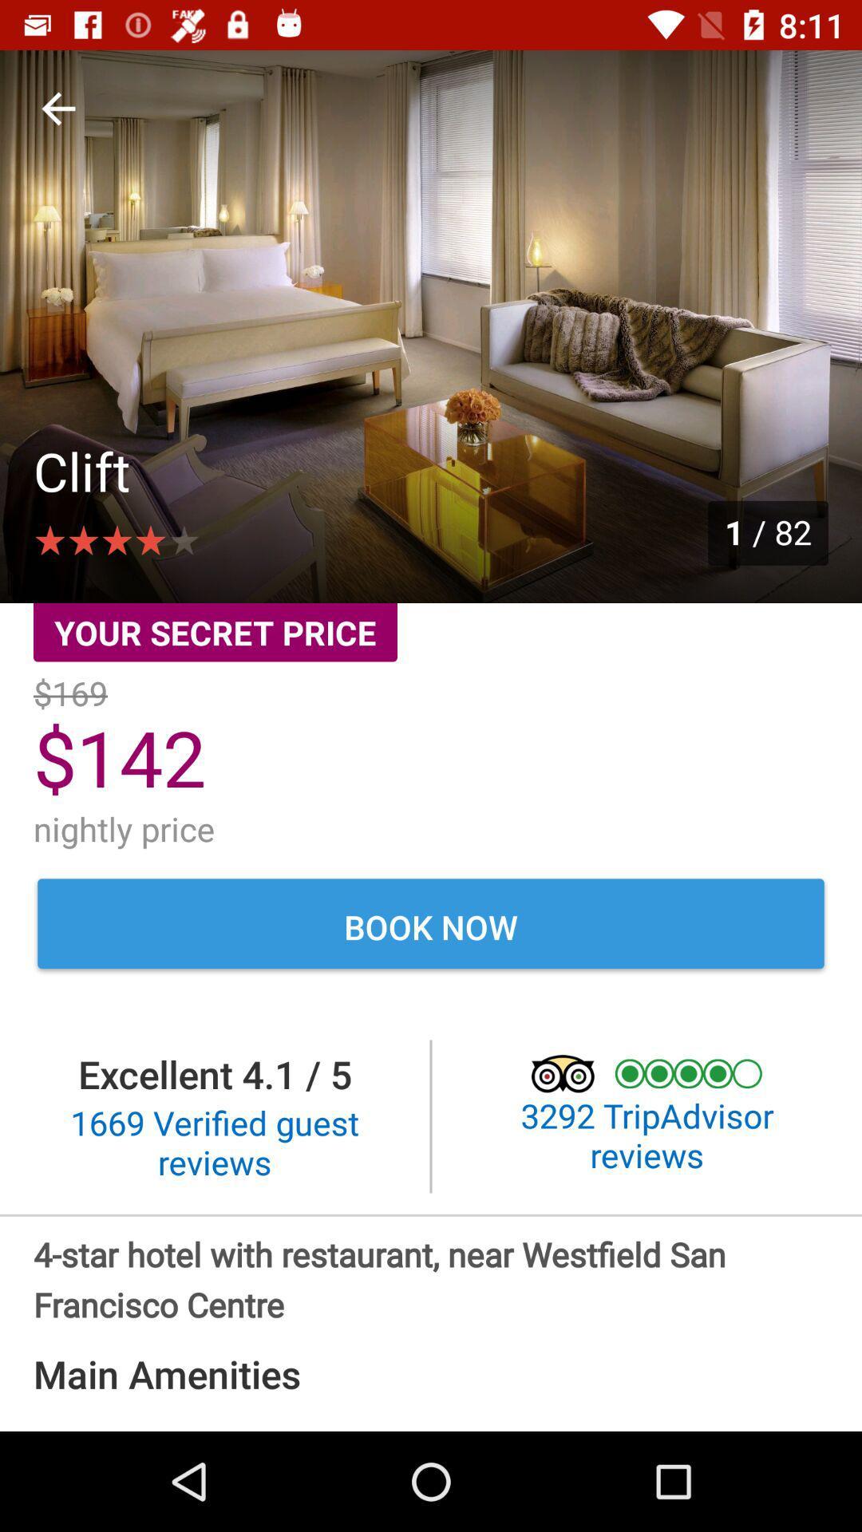  What do you see at coordinates (431, 926) in the screenshot?
I see `the item at the center` at bounding box center [431, 926].